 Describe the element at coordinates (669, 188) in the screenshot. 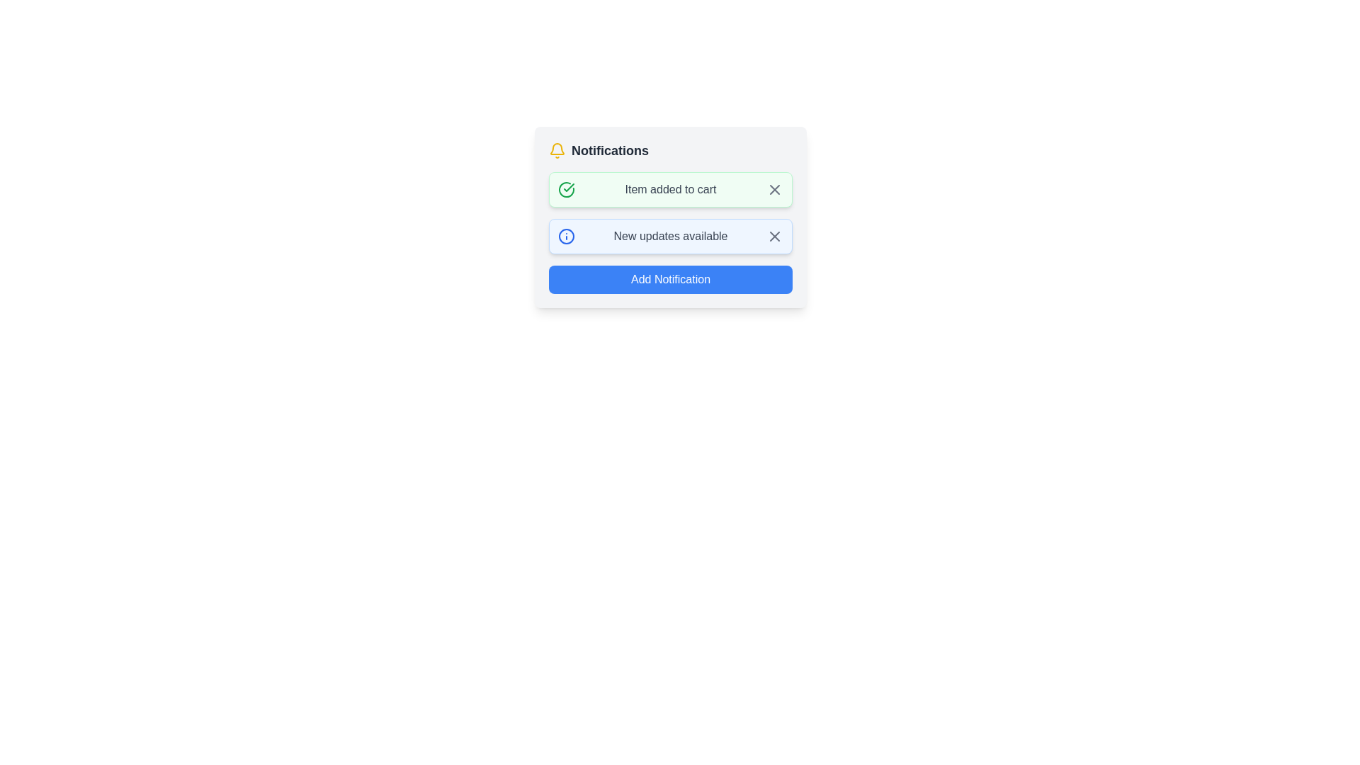

I see `text label displaying 'Item added to cart', which is styled with a gray font color and located within a green notification card` at that location.